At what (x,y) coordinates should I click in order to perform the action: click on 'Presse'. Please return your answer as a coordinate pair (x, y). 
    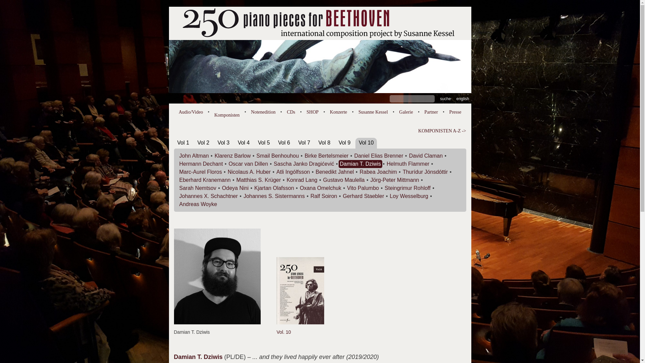
    Looking at the image, I should click on (455, 112).